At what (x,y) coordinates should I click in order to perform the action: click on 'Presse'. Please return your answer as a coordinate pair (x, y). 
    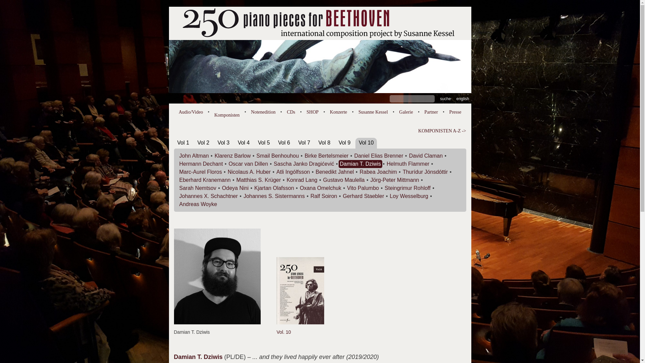
    Looking at the image, I should click on (455, 112).